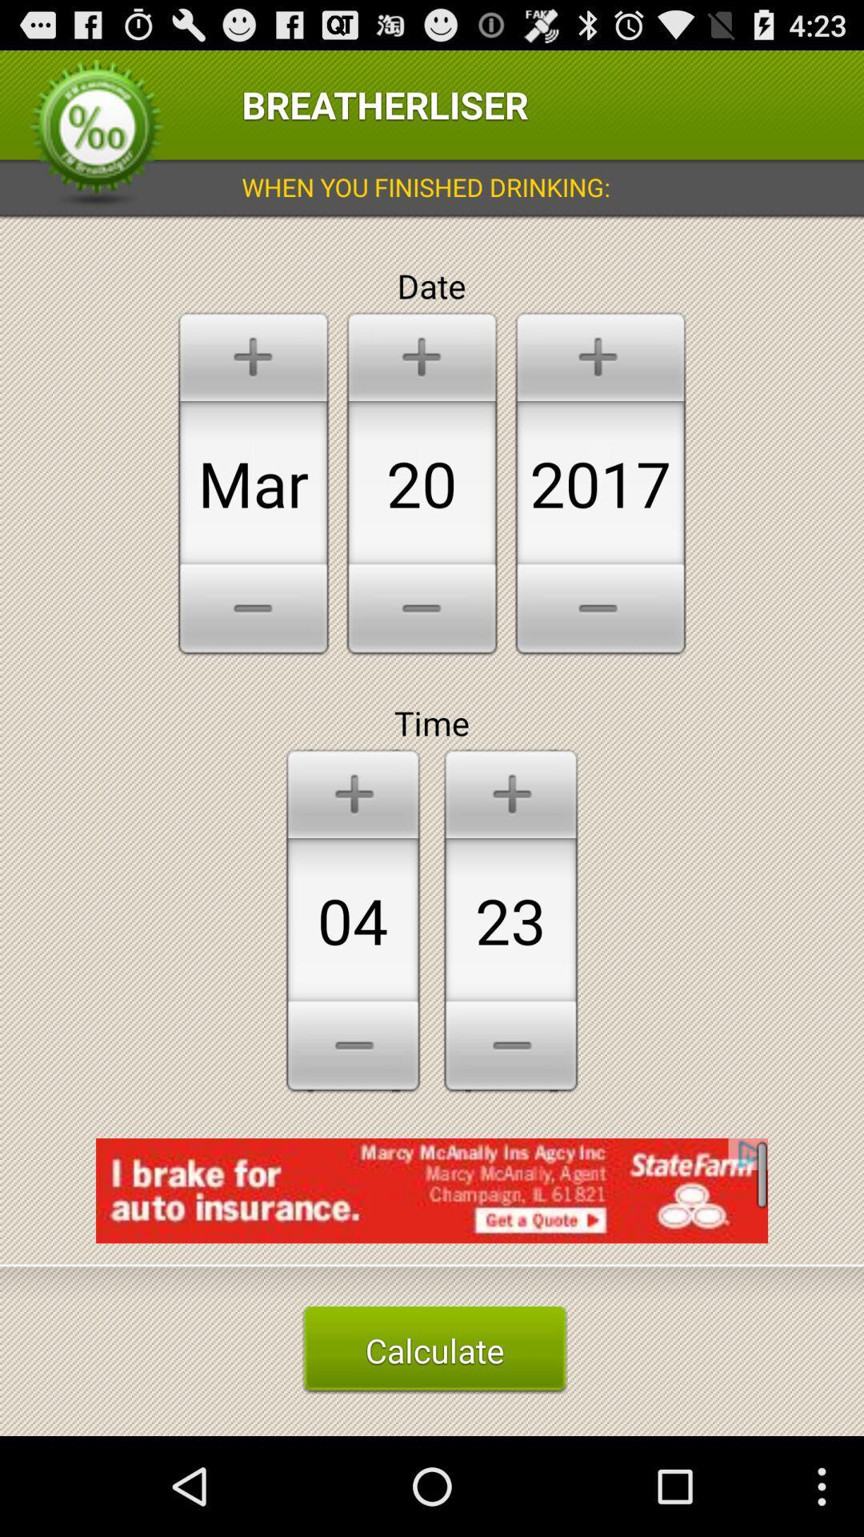 This screenshot has width=864, height=1537. I want to click on below 23, so click(511, 1049).